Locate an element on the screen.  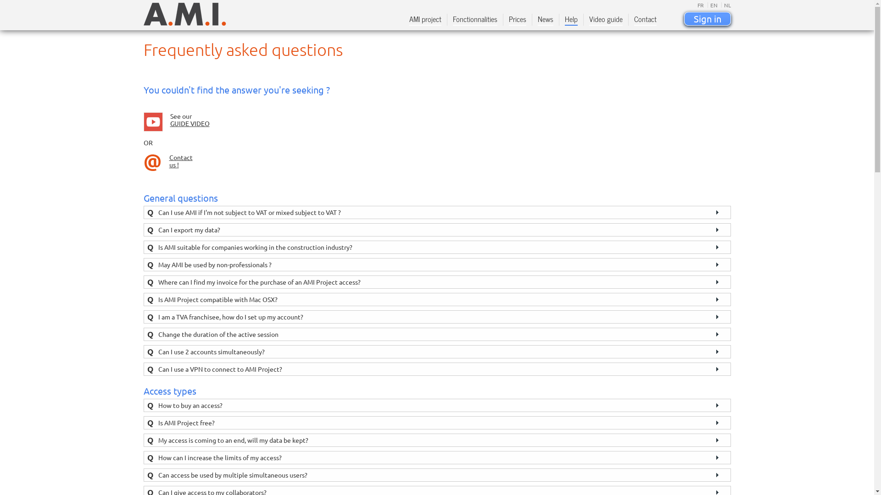
'Q My access is coming to an end, will my data be kept?' is located at coordinates (436, 440).